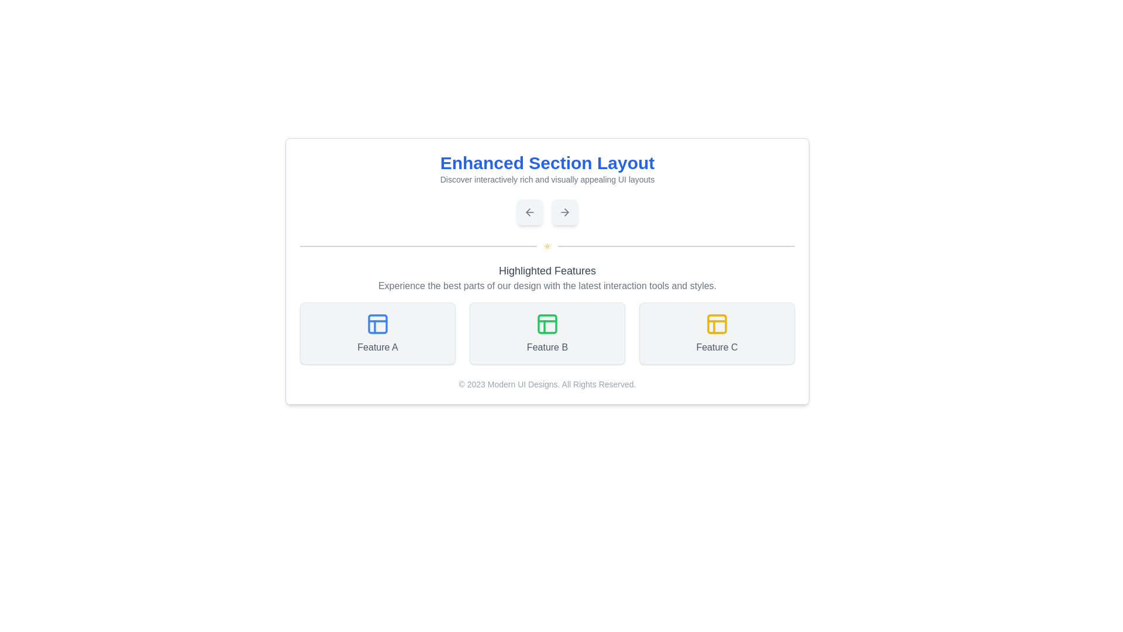 This screenshot has height=632, width=1123. Describe the element at coordinates (547, 245) in the screenshot. I see `the Decorative divider with a central yellow sun-like icon, located beneath the 'Enhanced Section Layout' and above the 'Highlighted Features' section` at that location.